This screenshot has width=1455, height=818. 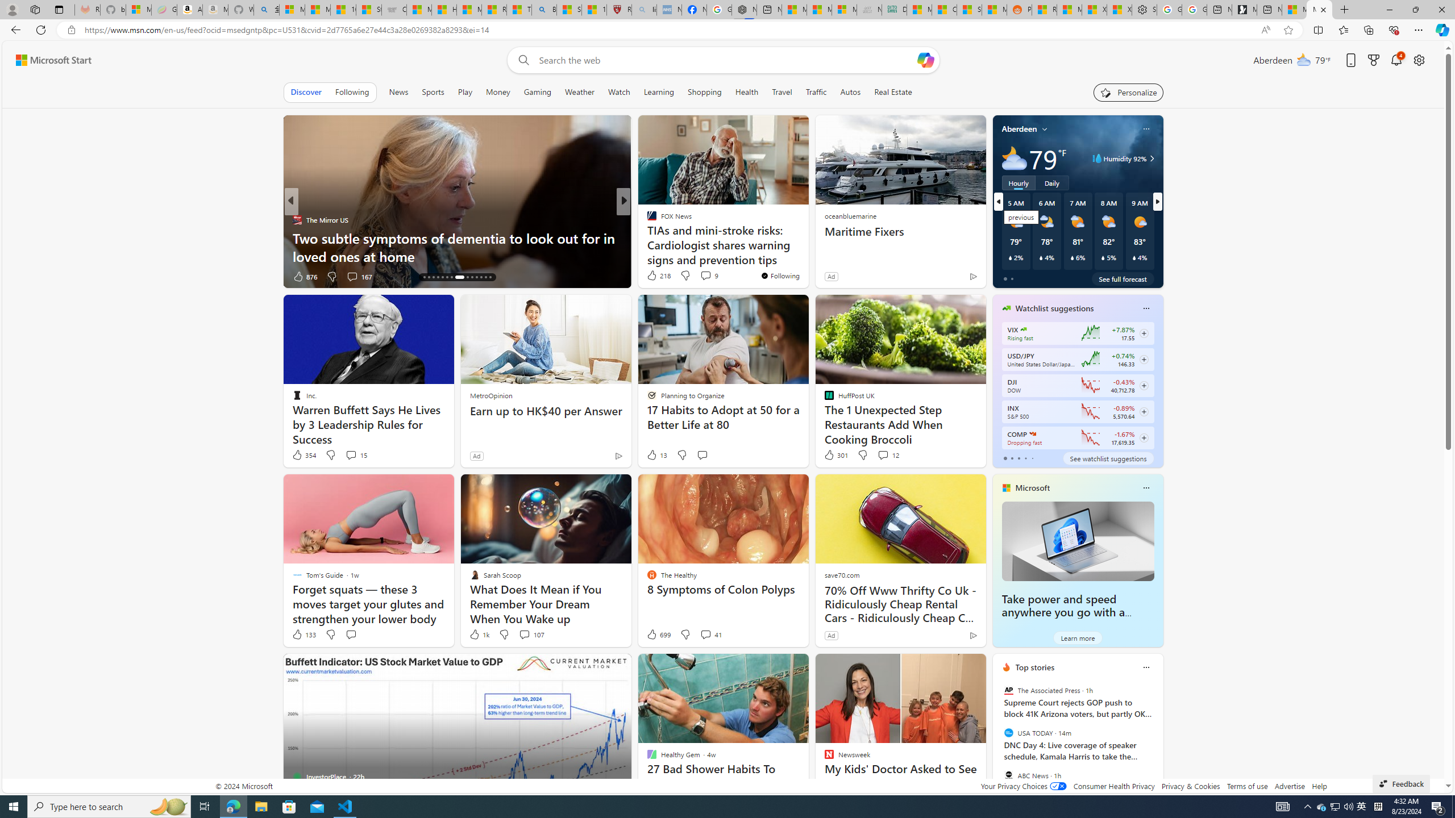 I want to click on '876 Like', so click(x=304, y=276).